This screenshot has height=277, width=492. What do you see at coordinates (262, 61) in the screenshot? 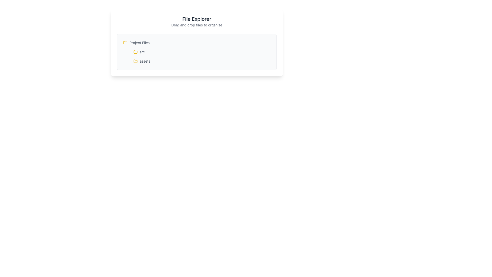
I see `the add button located at the right side of the File Explorer interface, which initiates an action` at bounding box center [262, 61].